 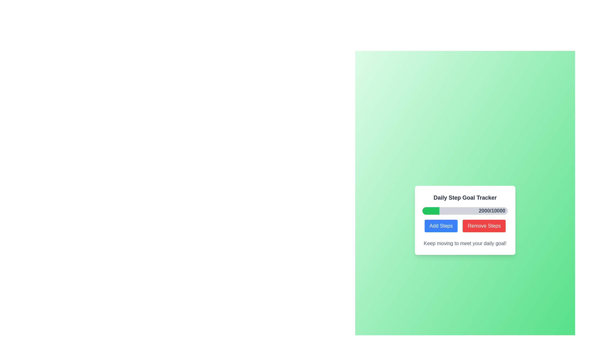 What do you see at coordinates (441, 226) in the screenshot?
I see `the blue 'Add Steps' button with rounded corners` at bounding box center [441, 226].